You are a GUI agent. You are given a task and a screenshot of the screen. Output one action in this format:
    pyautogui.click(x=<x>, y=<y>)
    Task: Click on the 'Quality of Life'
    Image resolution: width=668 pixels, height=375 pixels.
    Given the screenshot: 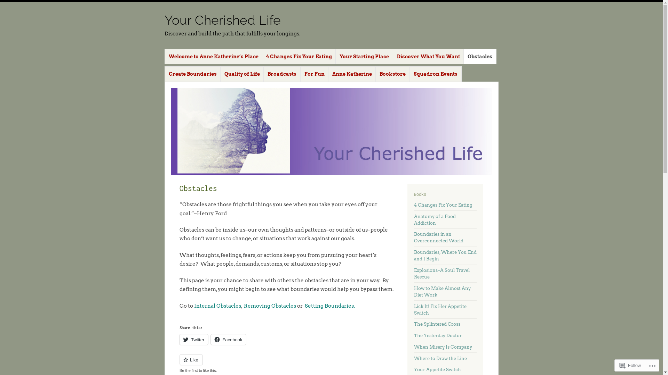 What is the action you would take?
    pyautogui.click(x=242, y=74)
    